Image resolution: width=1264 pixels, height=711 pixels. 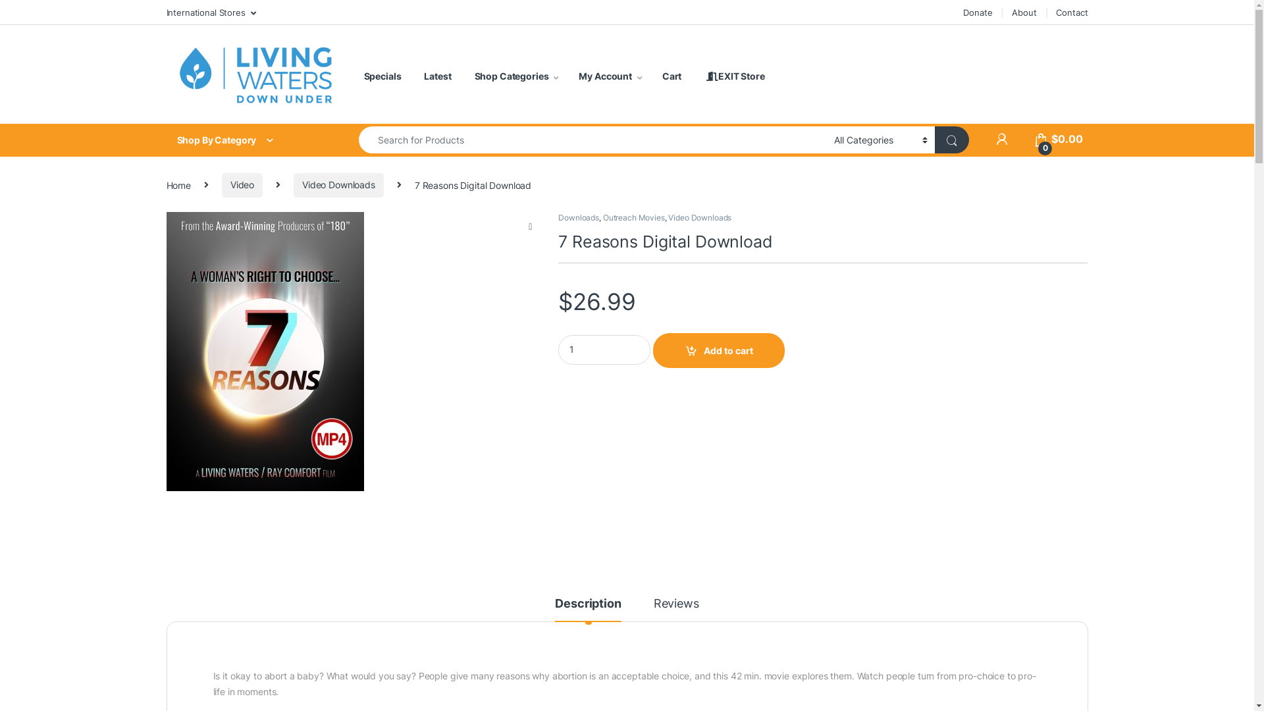 I want to click on 'Home', so click(x=165, y=184).